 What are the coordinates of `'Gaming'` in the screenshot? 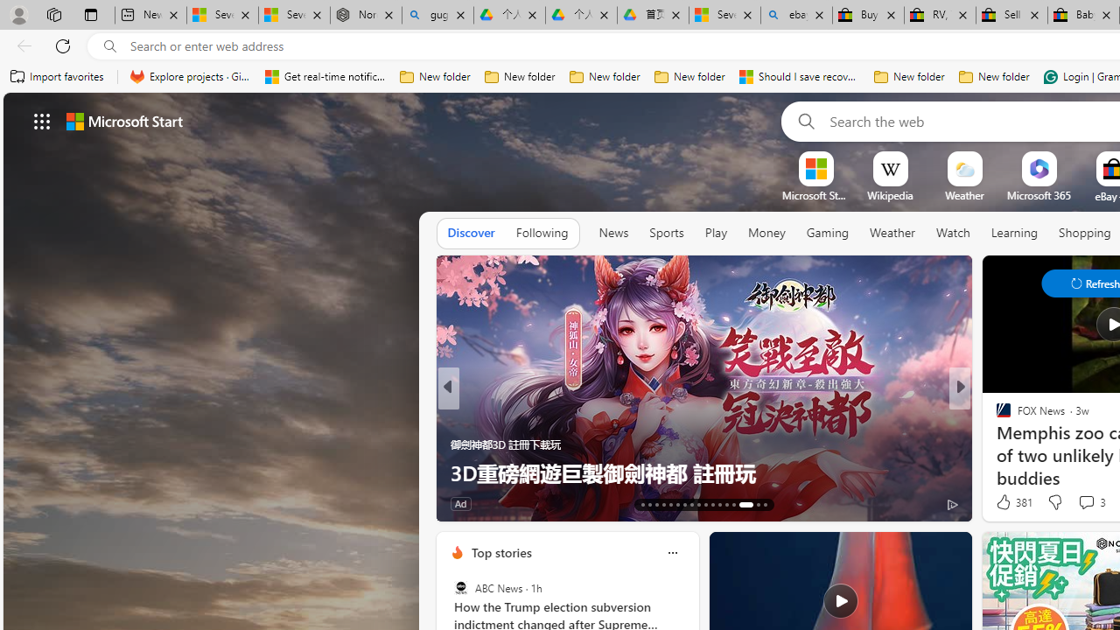 It's located at (826, 233).